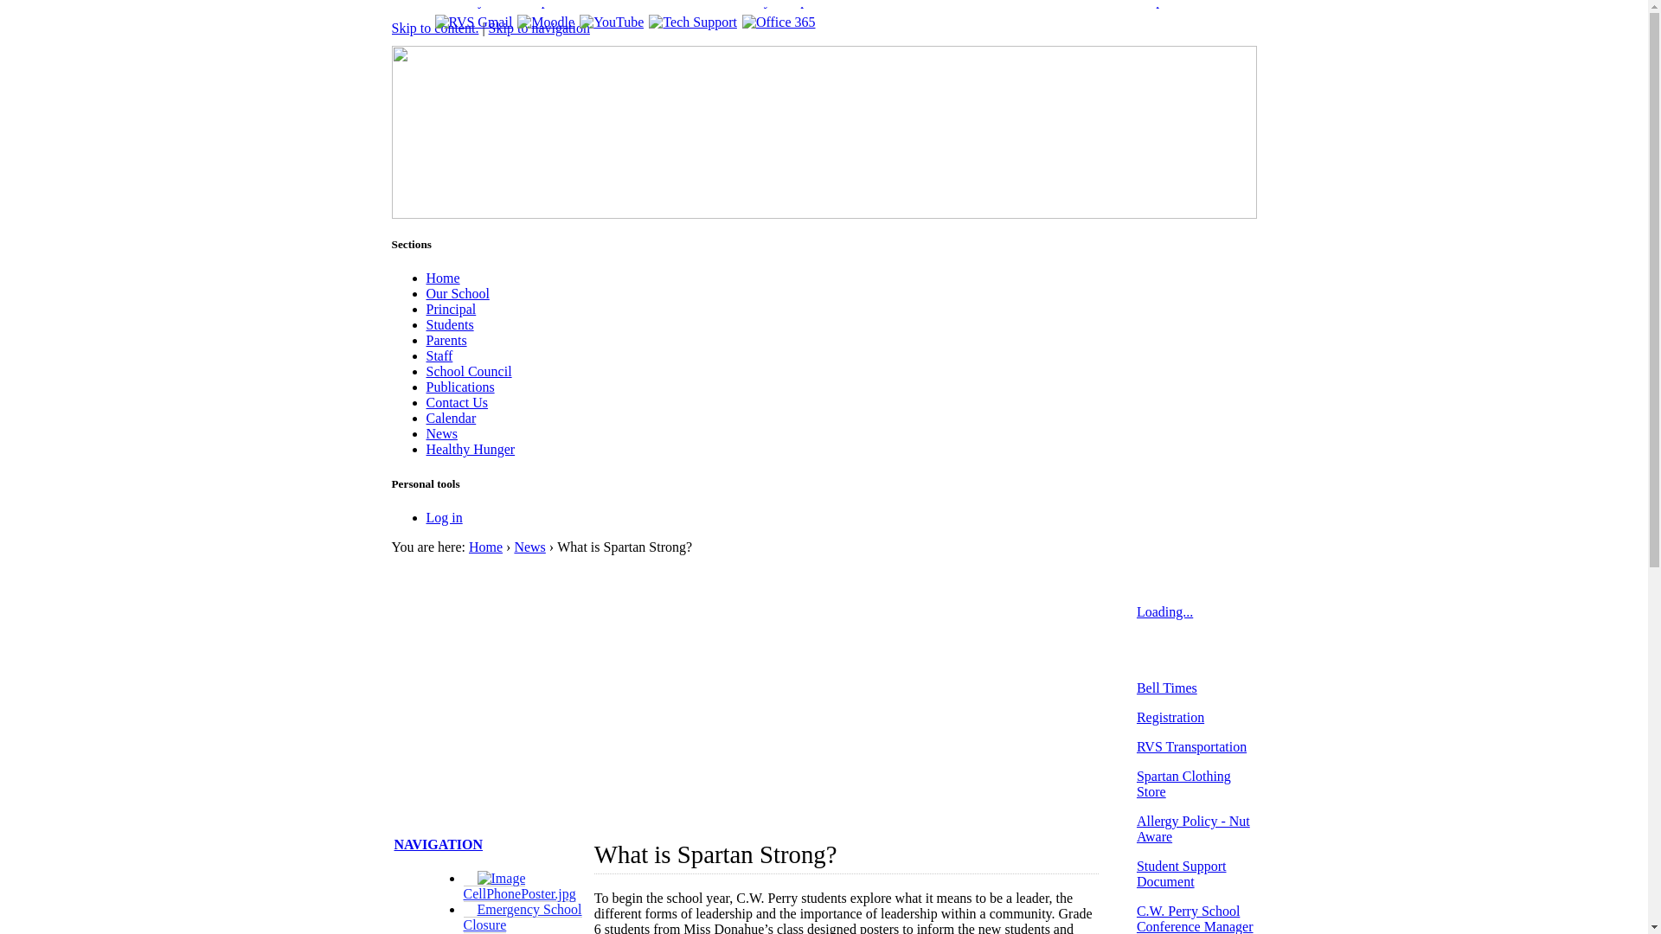 The width and height of the screenshot is (1661, 934). Describe the element at coordinates (1166, 687) in the screenshot. I see `'Bell Times'` at that location.